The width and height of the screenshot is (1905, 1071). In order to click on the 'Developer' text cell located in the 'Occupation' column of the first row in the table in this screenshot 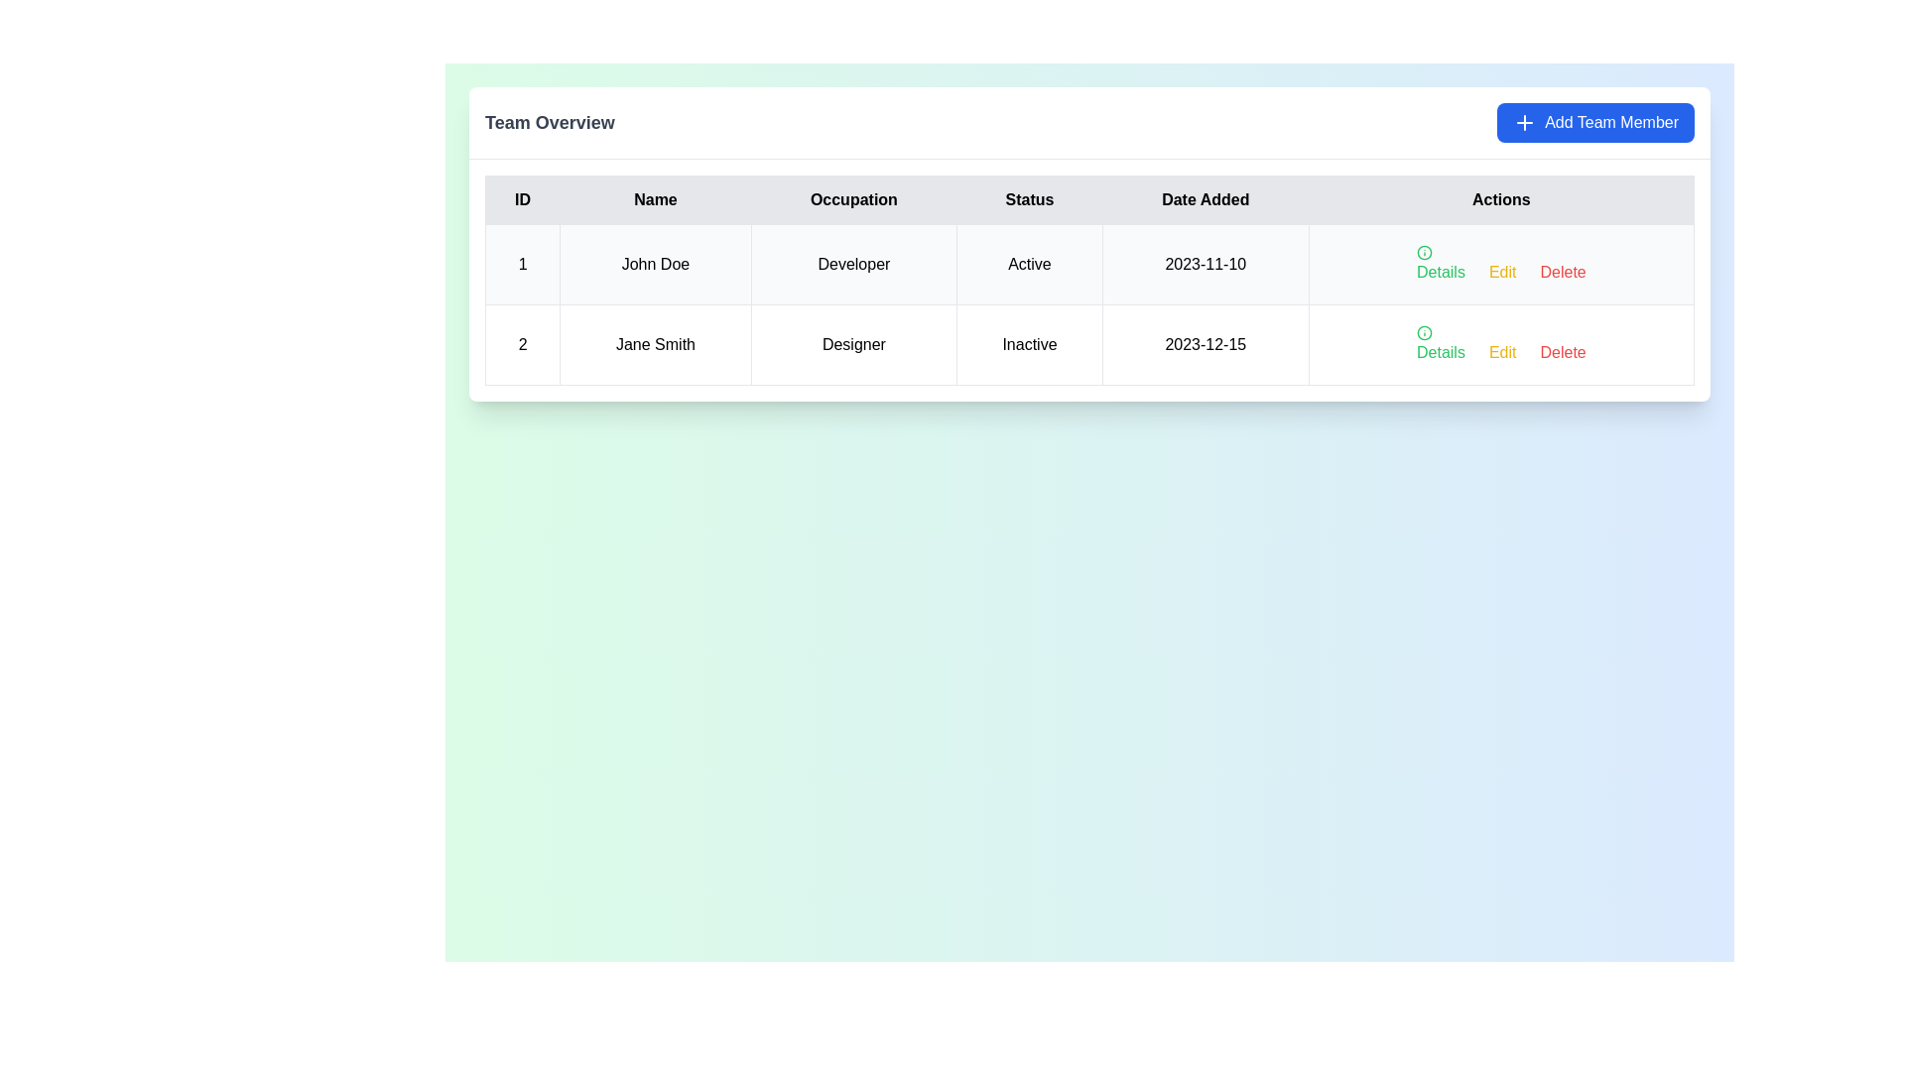, I will do `click(853, 263)`.